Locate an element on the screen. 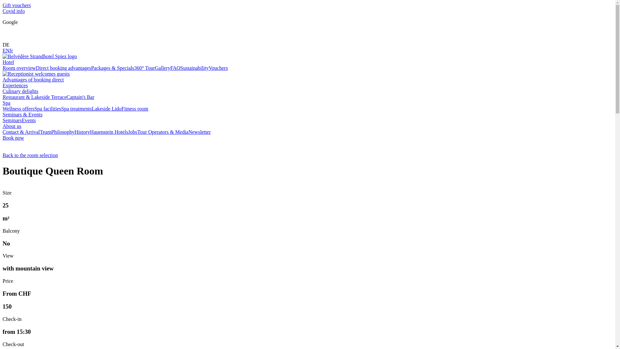 Image resolution: width=620 pixels, height=349 pixels. 'Events' is located at coordinates (29, 120).